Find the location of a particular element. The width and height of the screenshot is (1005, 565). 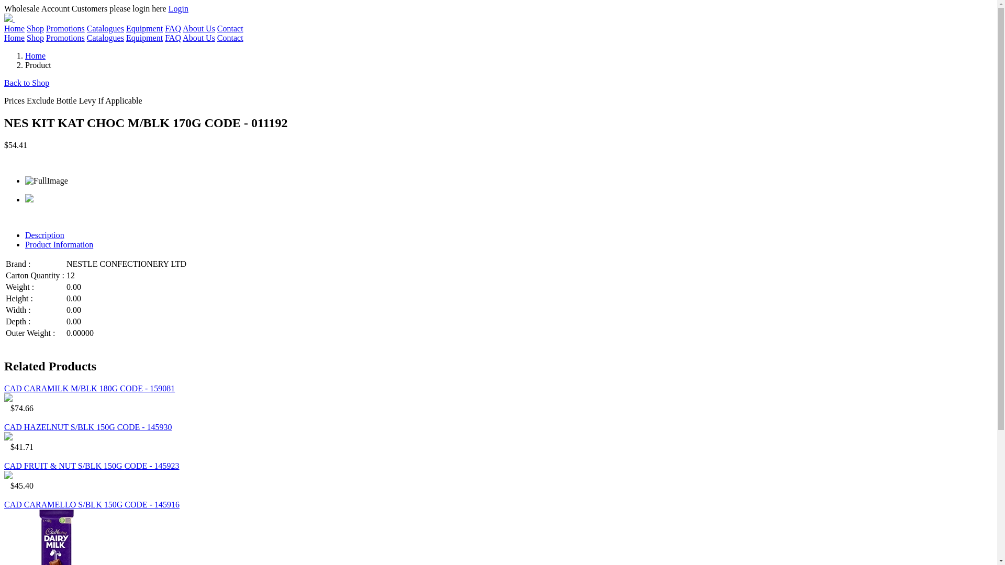

'Login' is located at coordinates (178, 8).